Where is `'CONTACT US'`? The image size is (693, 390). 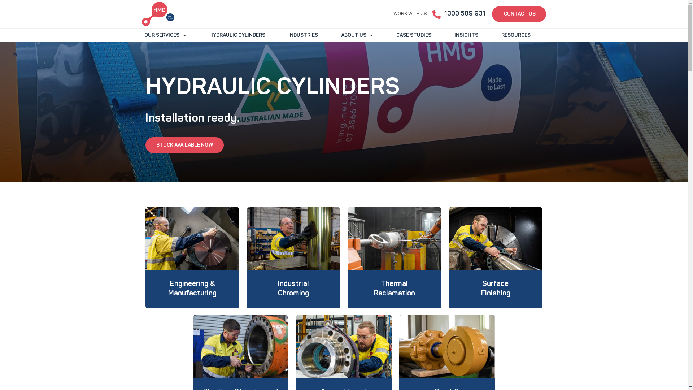
'CONTACT US' is located at coordinates (518, 14).